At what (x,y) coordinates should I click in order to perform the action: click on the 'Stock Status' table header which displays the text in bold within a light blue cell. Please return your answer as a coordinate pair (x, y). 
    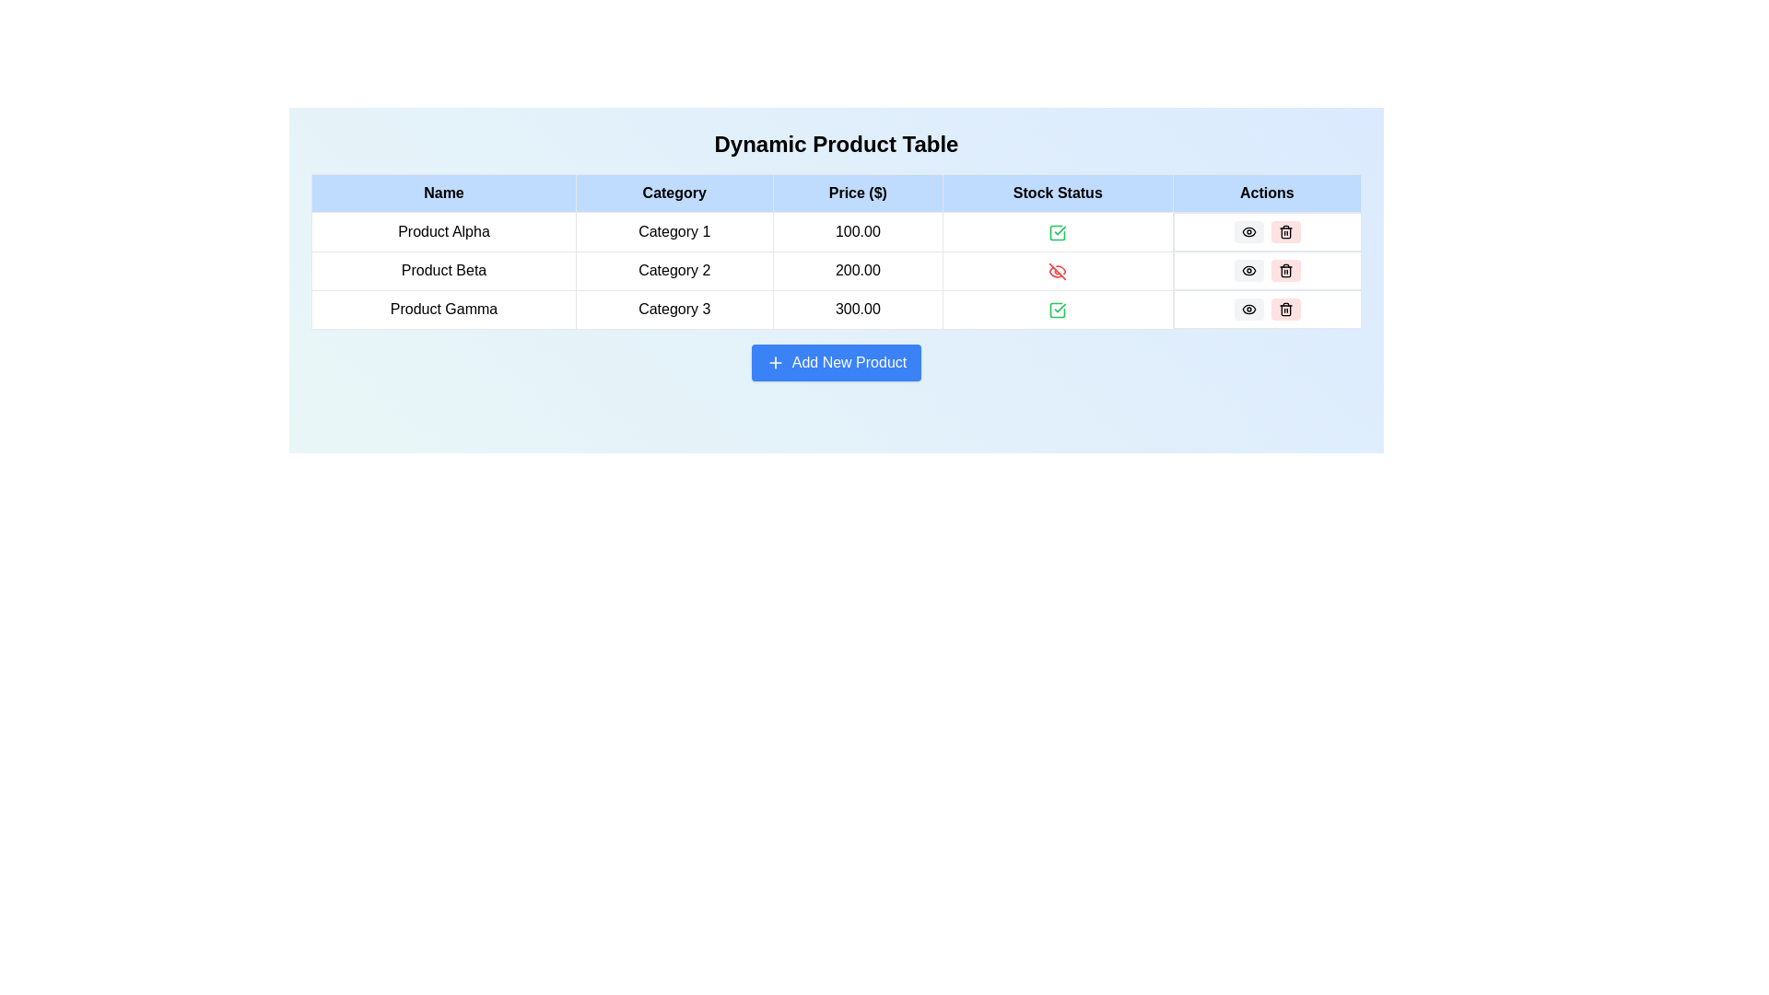
    Looking at the image, I should click on (1058, 193).